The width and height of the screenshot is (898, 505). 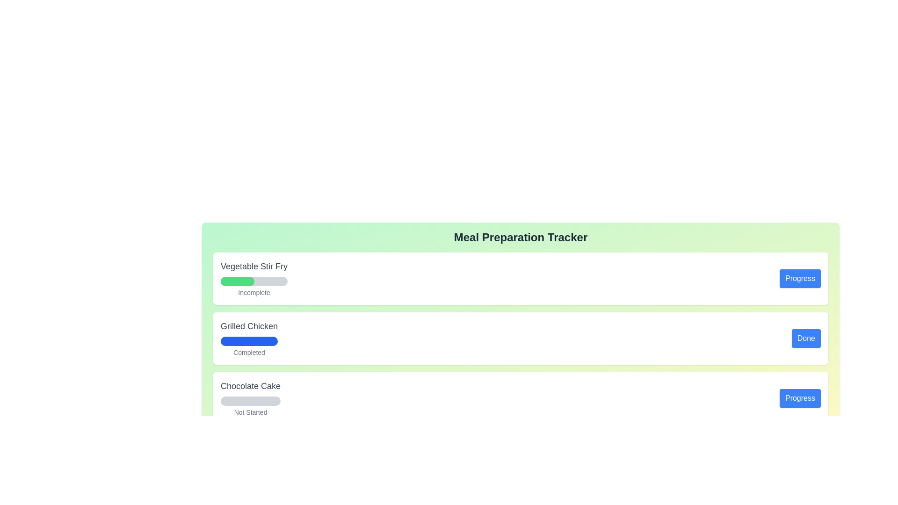 What do you see at coordinates (254, 281) in the screenshot?
I see `the horizontal progress bar indicating partial progress within the 'Vegetable Stir Fry' card, which has a light gray background and a green segment on the left` at bounding box center [254, 281].